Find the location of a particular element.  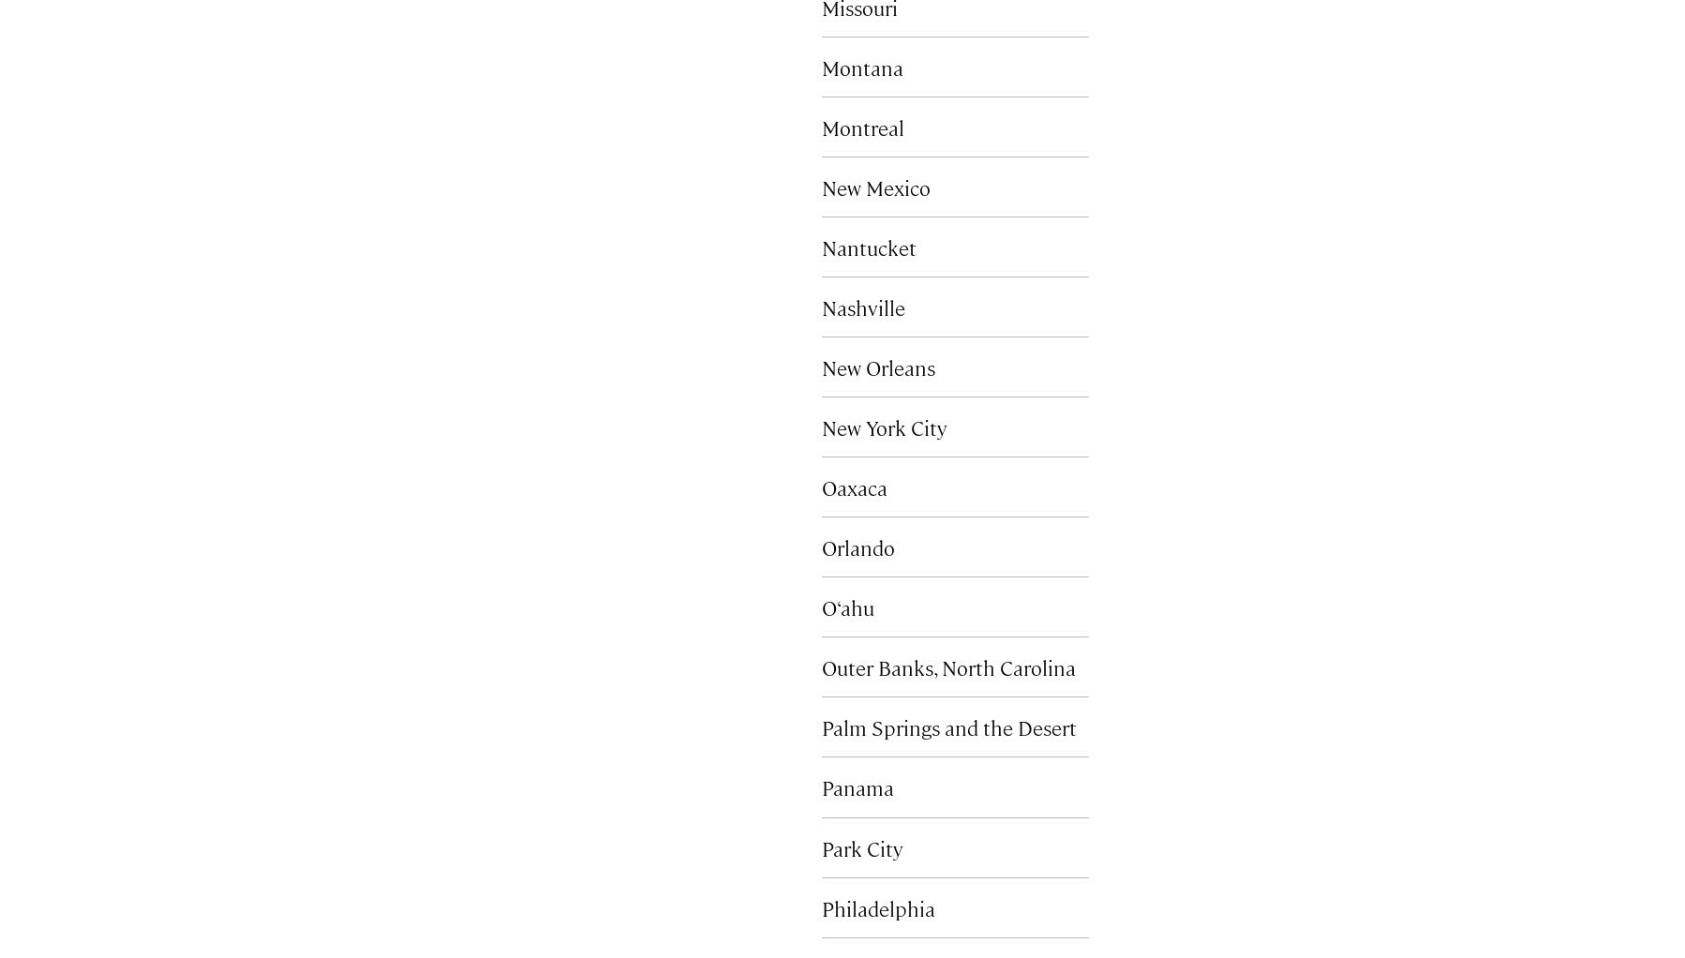

'Outer Banks, North Carolina' is located at coordinates (947, 666).